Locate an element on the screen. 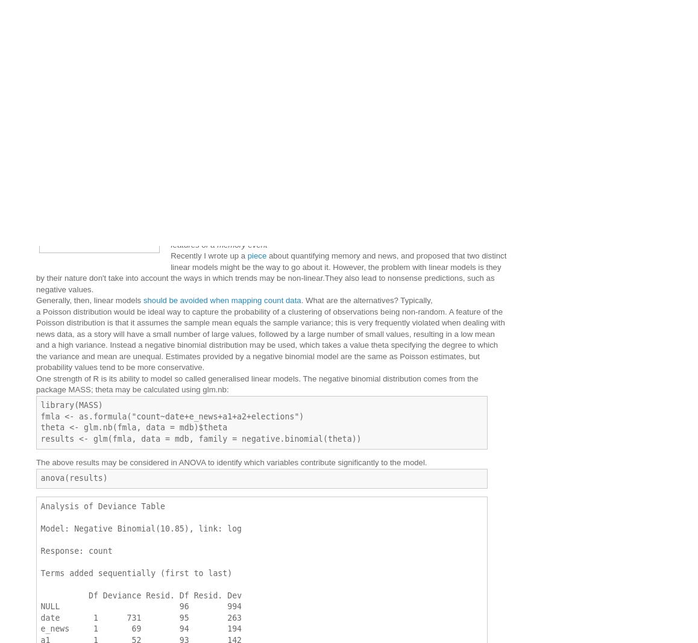  'Better modelling and visualisation of newspaper count data' is located at coordinates (224, 128).